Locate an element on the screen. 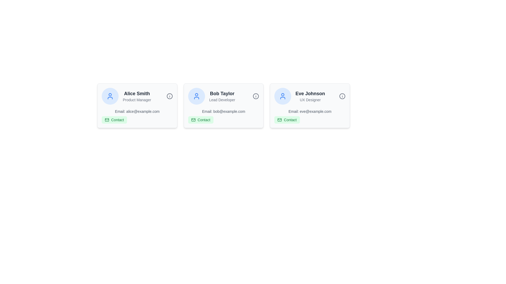 The height and width of the screenshot is (284, 506). the user avatar icon, which is a circular blue icon located in the left portion of the card displaying the name 'Bob Taylor' is located at coordinates (283, 96).